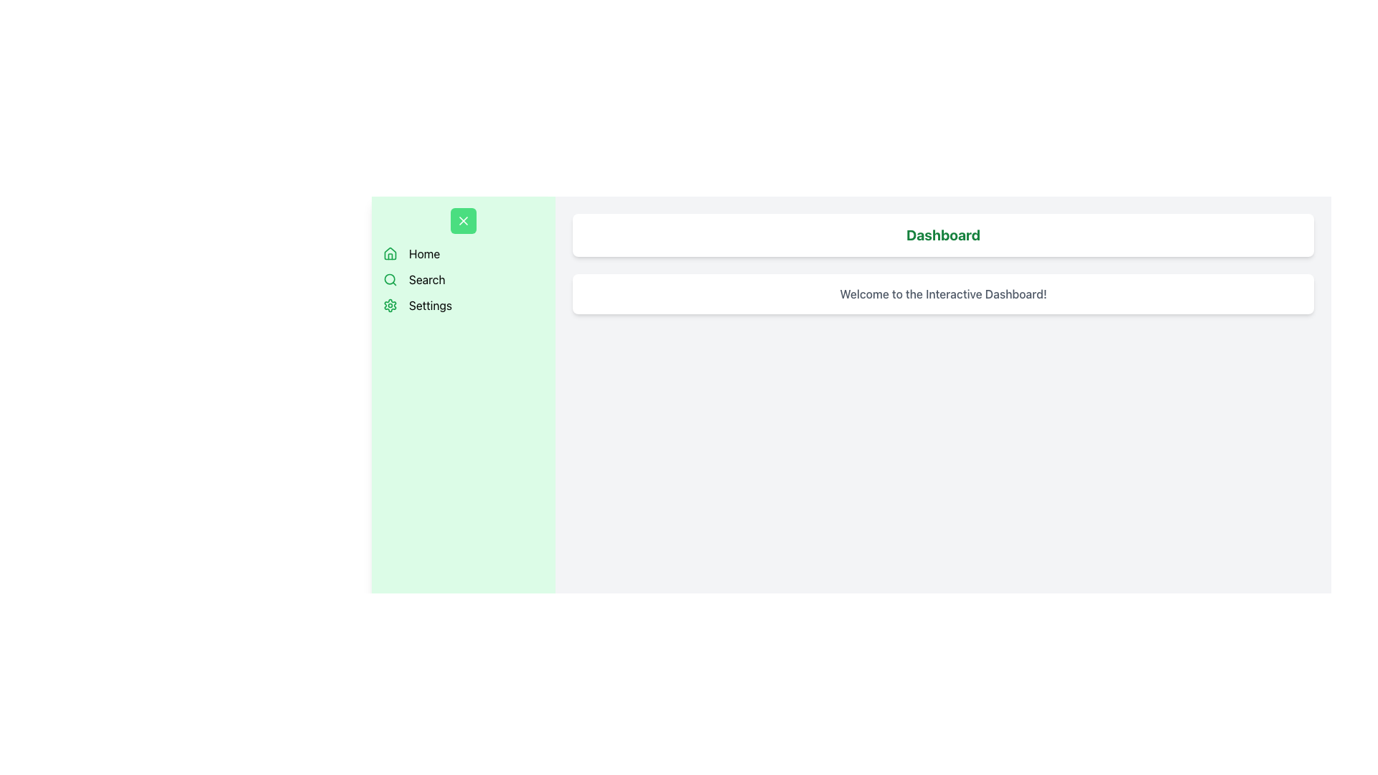 The width and height of the screenshot is (1378, 775). I want to click on the 'Home' item in the Navigation Menu, so click(464, 260).